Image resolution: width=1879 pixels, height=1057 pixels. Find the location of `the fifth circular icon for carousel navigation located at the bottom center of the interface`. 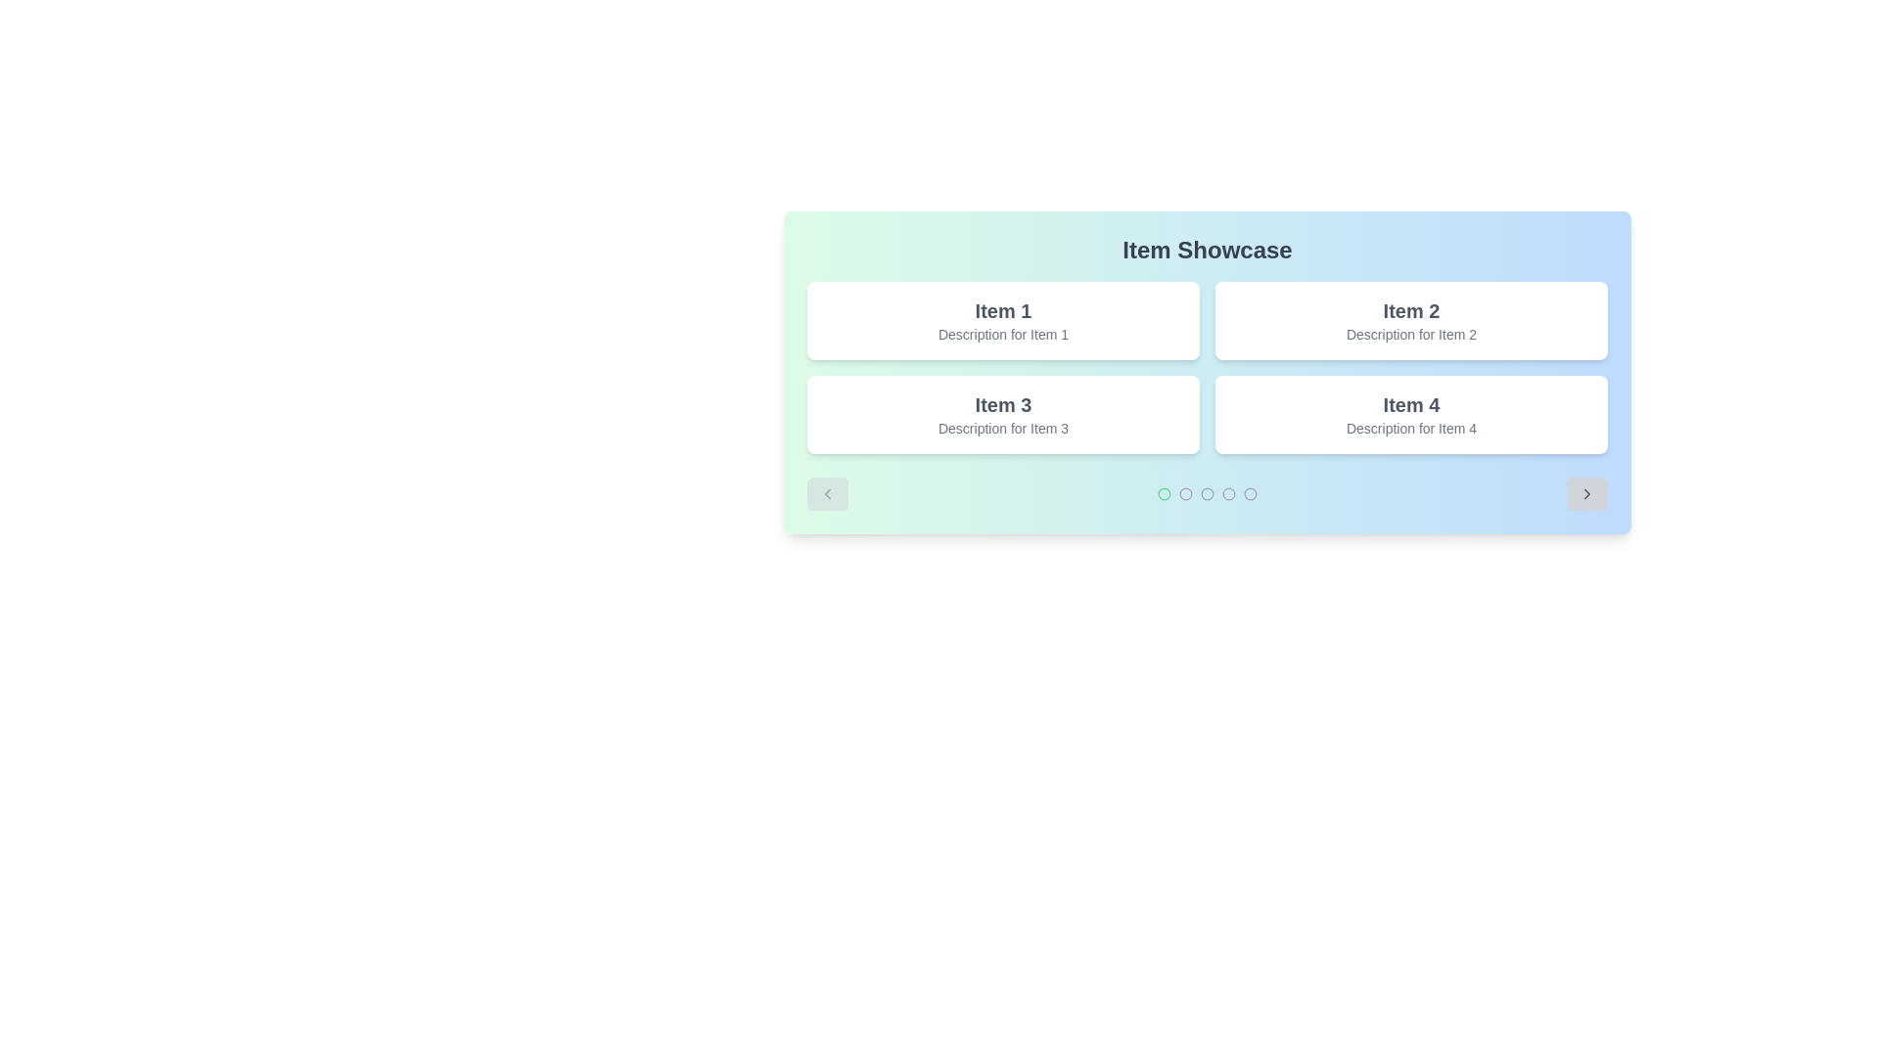

the fifth circular icon for carousel navigation located at the bottom center of the interface is located at coordinates (1228, 493).